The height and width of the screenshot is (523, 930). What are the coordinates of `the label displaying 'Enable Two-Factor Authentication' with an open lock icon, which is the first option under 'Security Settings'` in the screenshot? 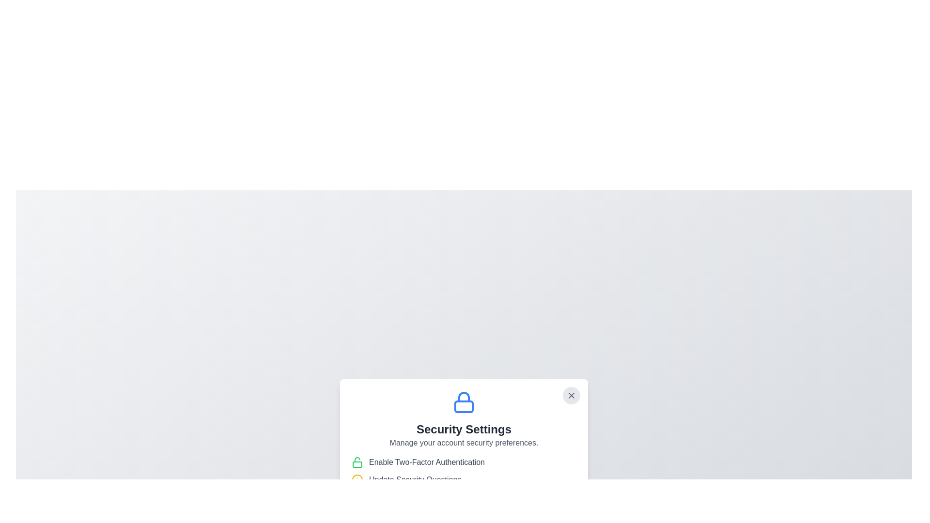 It's located at (464, 462).